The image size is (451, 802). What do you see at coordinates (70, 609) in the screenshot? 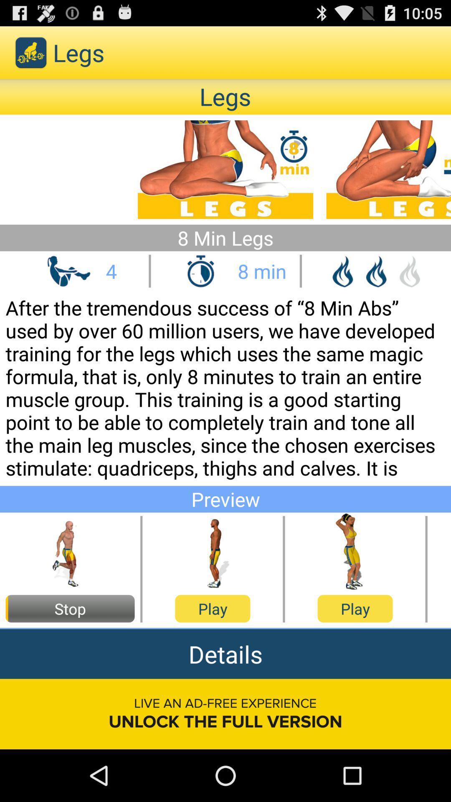
I see `the stop button` at bounding box center [70, 609].